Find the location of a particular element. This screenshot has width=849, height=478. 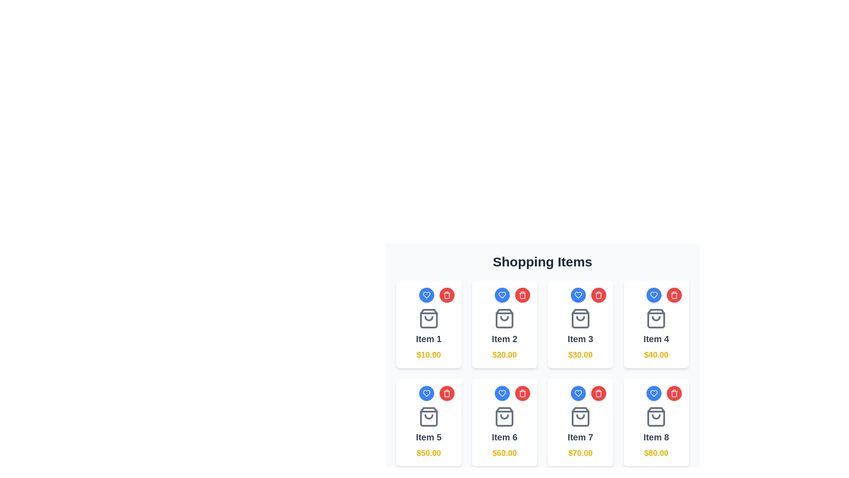

the trash bin icon button with a red background located in the top-right corner of an item card is located at coordinates (447, 295).